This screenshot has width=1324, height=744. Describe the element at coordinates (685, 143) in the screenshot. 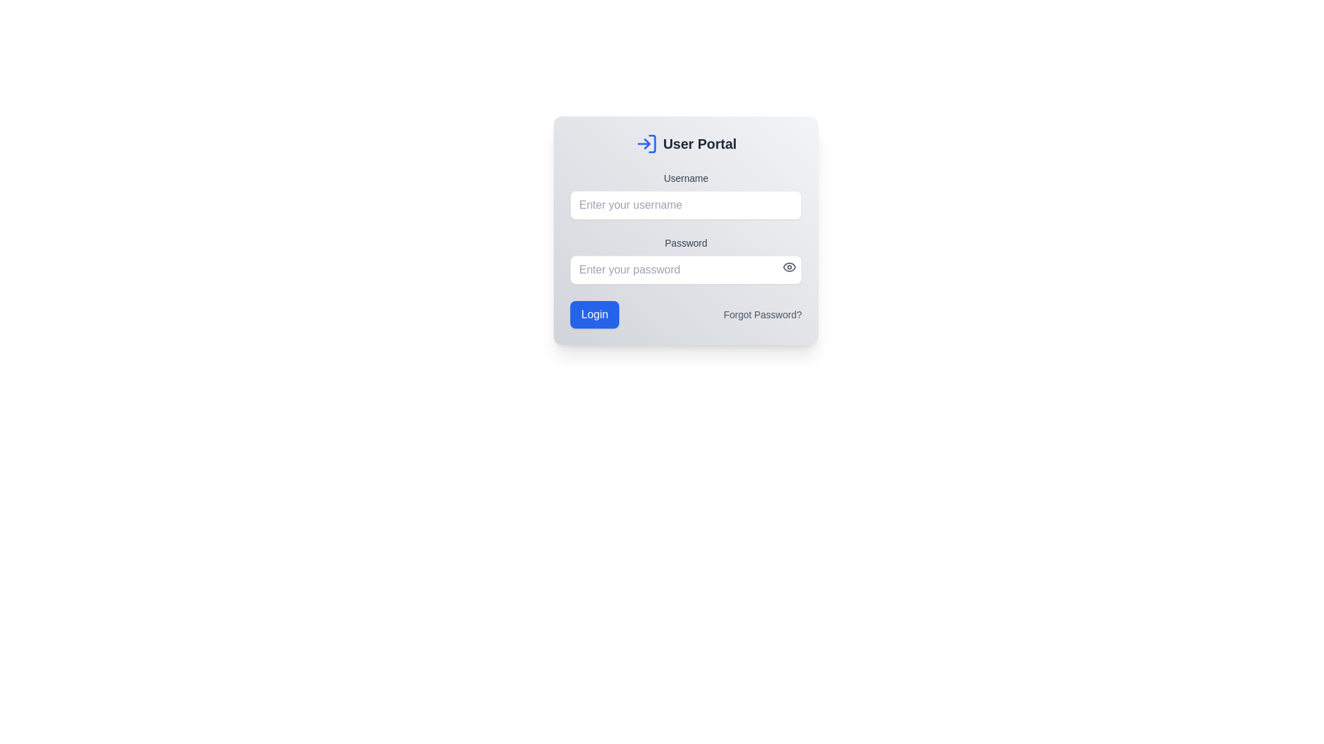

I see `the title or heading text element of the login panel, which is positioned at the top center of the card-like structure containing the login form elements` at that location.